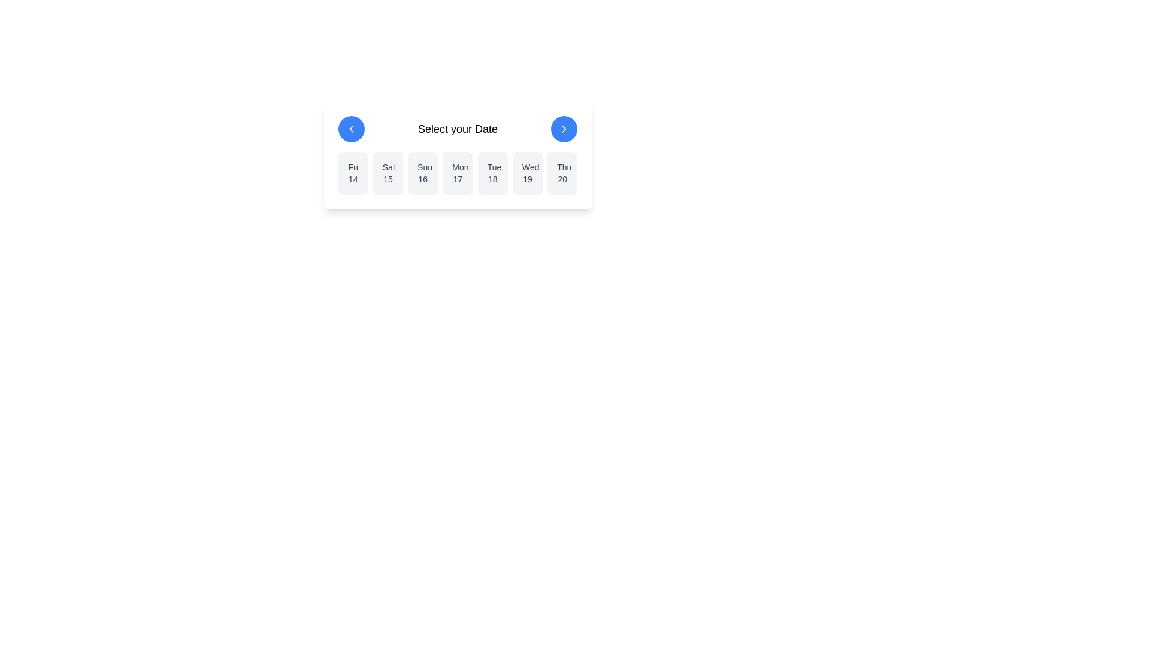 The image size is (1150, 646). Describe the element at coordinates (562, 173) in the screenshot. I see `the square-shaped button labeled 'Thu' with a light gray background and medium dark gray text` at that location.